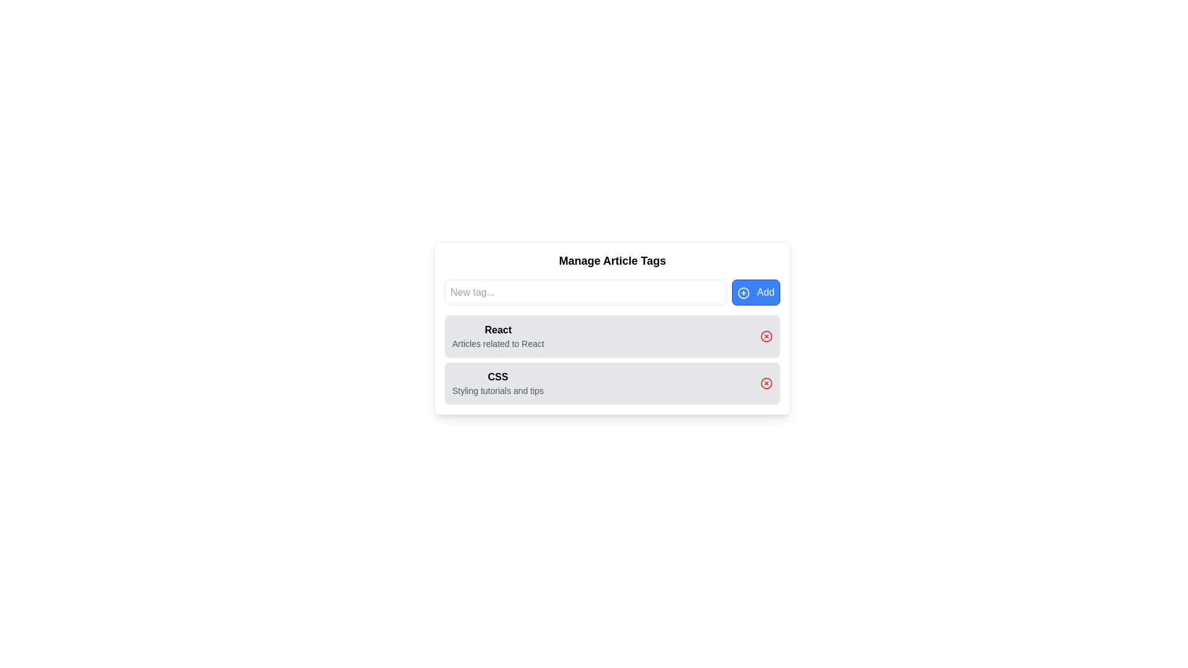 The width and height of the screenshot is (1188, 668). Describe the element at coordinates (755, 293) in the screenshot. I see `the button with an icon and label located to the right of the 'New tag...' input field` at that location.